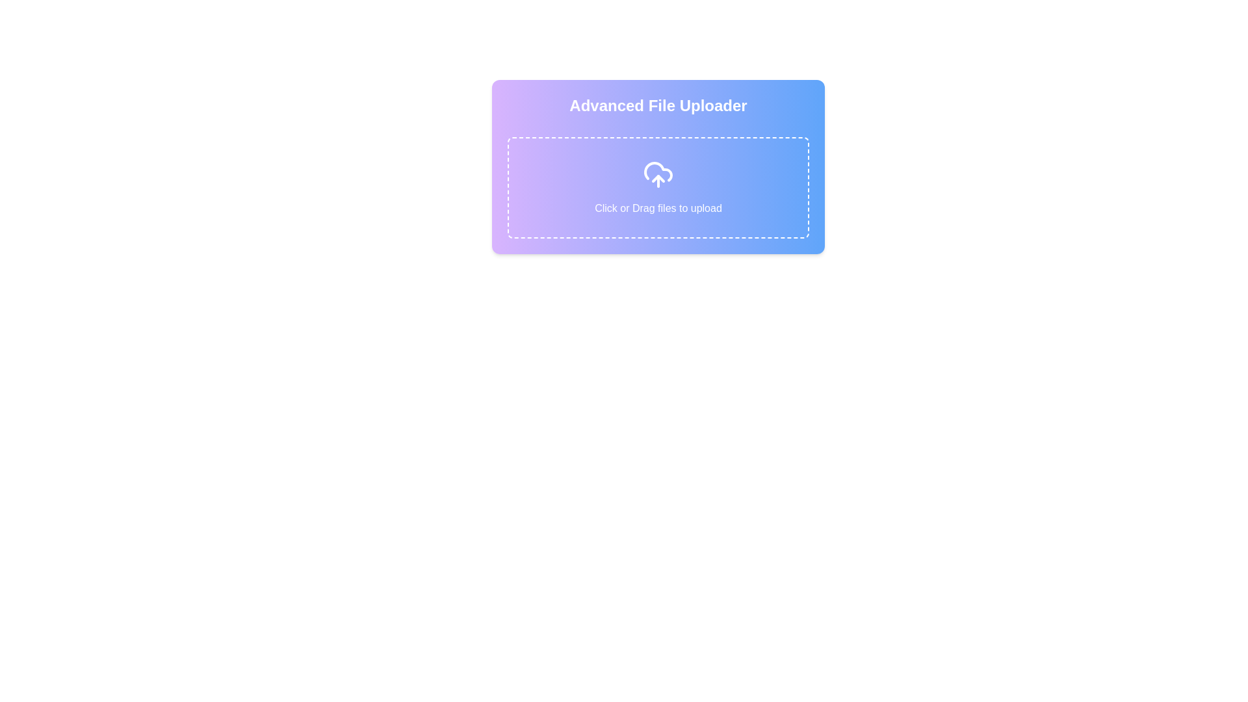 This screenshot has width=1248, height=702. What do you see at coordinates (658, 166) in the screenshot?
I see `files onto the stylized upload interface with a dashed rectangular area and an upload icon` at bounding box center [658, 166].